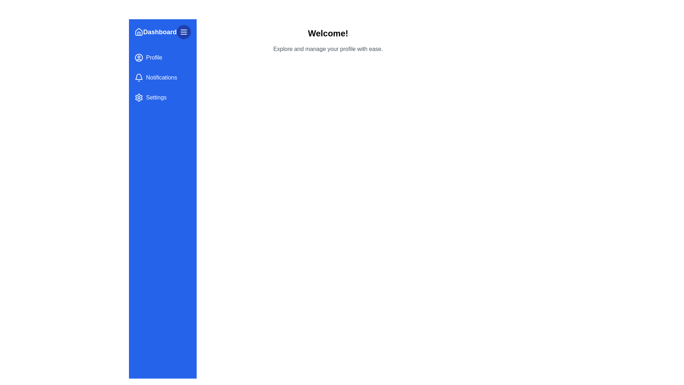  What do you see at coordinates (156, 97) in the screenshot?
I see `the 'Settings' label in the blue vertical navigation menu, which is the fourth option below 'Dashboard', 'Profile', and 'Notifications', and is accompanied by a settings gear icon` at bounding box center [156, 97].